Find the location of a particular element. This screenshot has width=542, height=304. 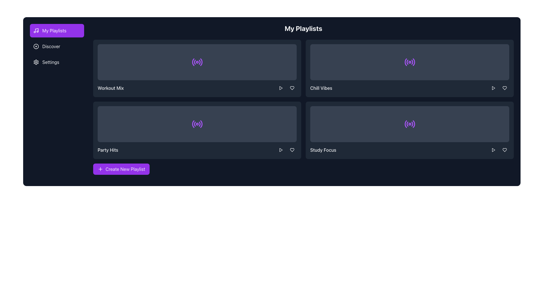

the 'play' button located at the bottom-right corner of the 'Workout Mix' playlist card is located at coordinates (281, 88).